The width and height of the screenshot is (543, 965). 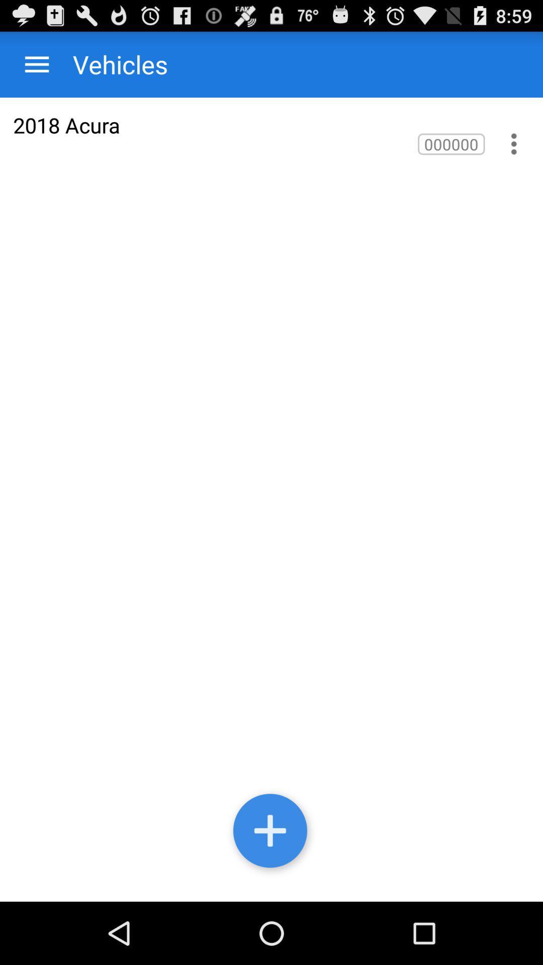 What do you see at coordinates (450, 143) in the screenshot?
I see `the item next to 2018 acura` at bounding box center [450, 143].